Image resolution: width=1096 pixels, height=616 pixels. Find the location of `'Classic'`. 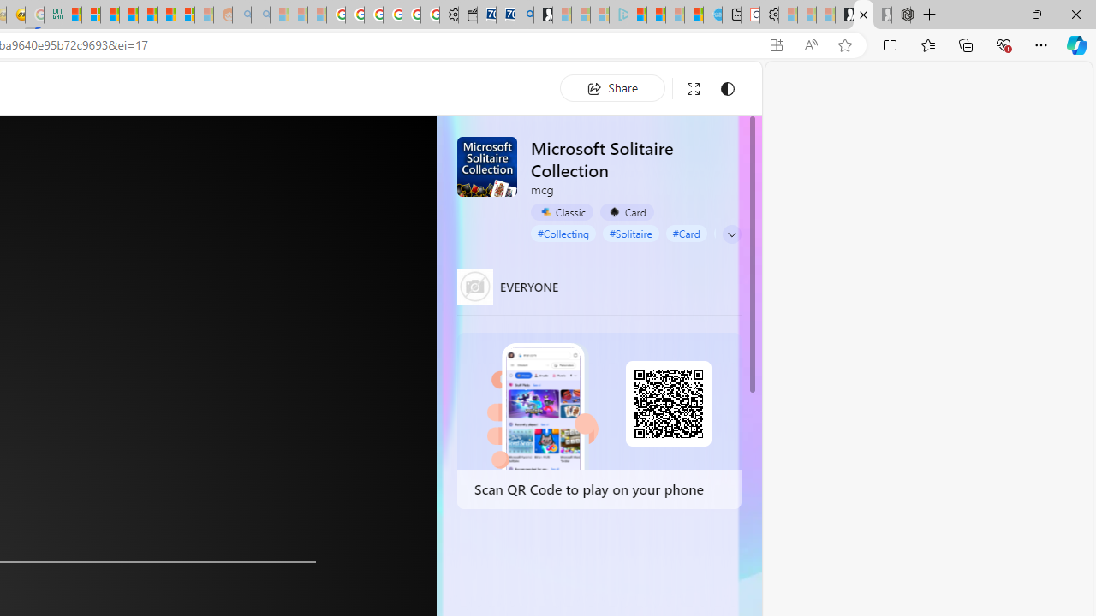

'Classic' is located at coordinates (562, 211).